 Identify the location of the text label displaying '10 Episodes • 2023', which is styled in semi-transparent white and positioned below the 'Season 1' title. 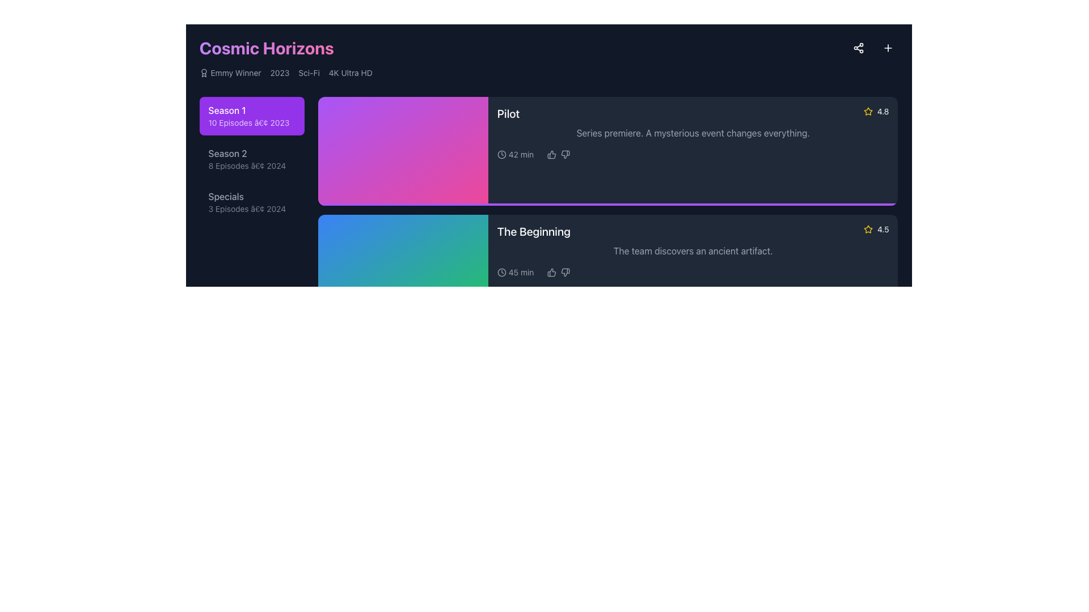
(251, 122).